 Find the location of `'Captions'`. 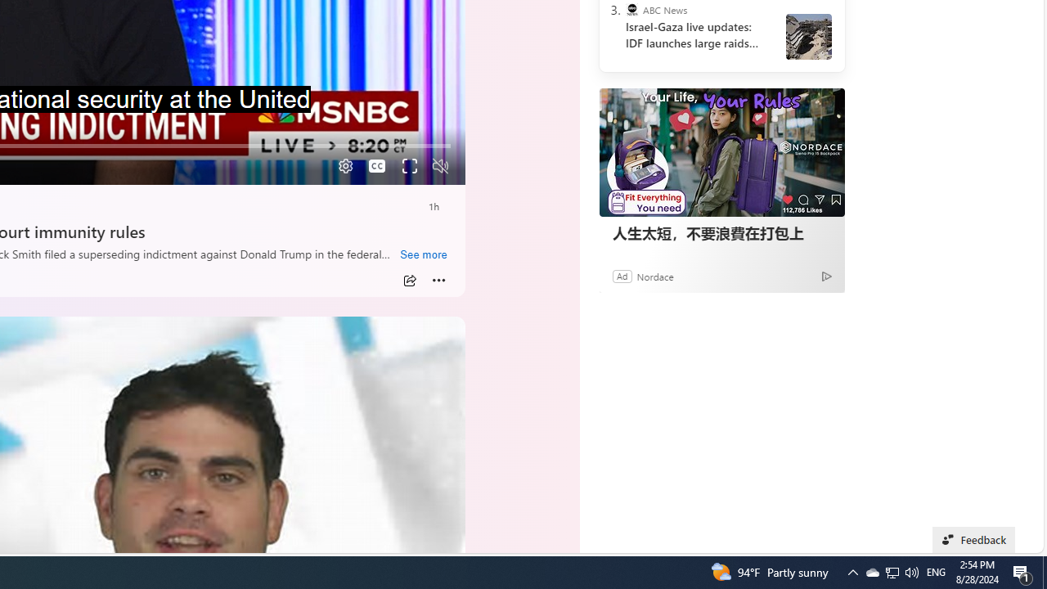

'Captions' is located at coordinates (376, 166).